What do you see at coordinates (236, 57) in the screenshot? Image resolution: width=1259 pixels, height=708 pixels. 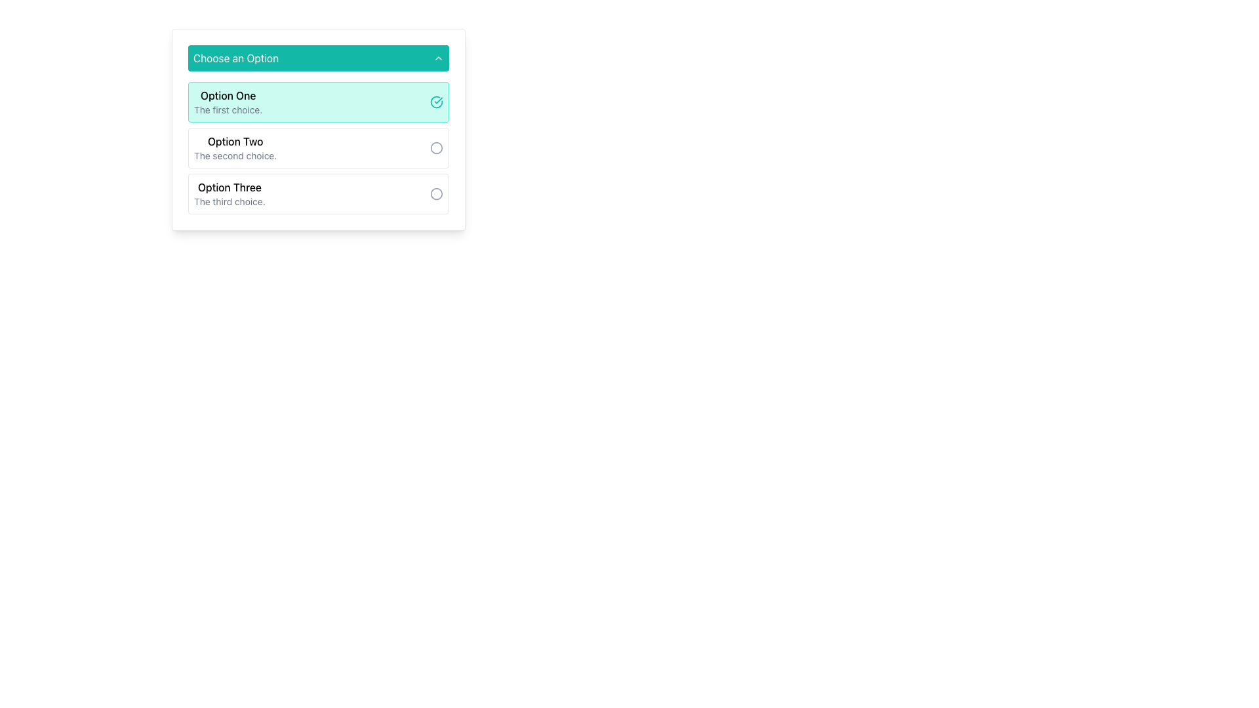 I see `the text label reading 'Choose an Option', which is styled in white font on a teal background and is located at the top left of a dropdown menu` at bounding box center [236, 57].